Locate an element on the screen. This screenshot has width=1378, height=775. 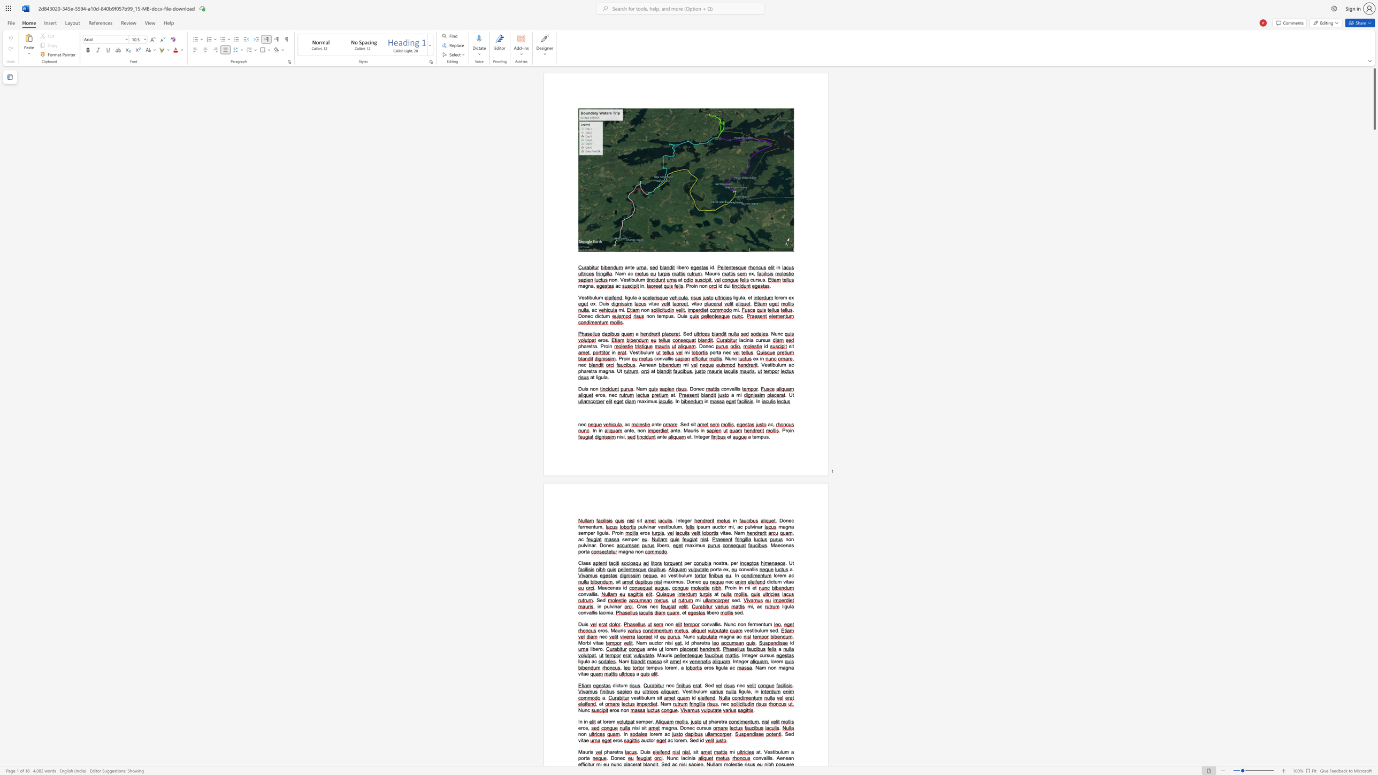
the 1th character "x" in the text is located at coordinates (726, 569).